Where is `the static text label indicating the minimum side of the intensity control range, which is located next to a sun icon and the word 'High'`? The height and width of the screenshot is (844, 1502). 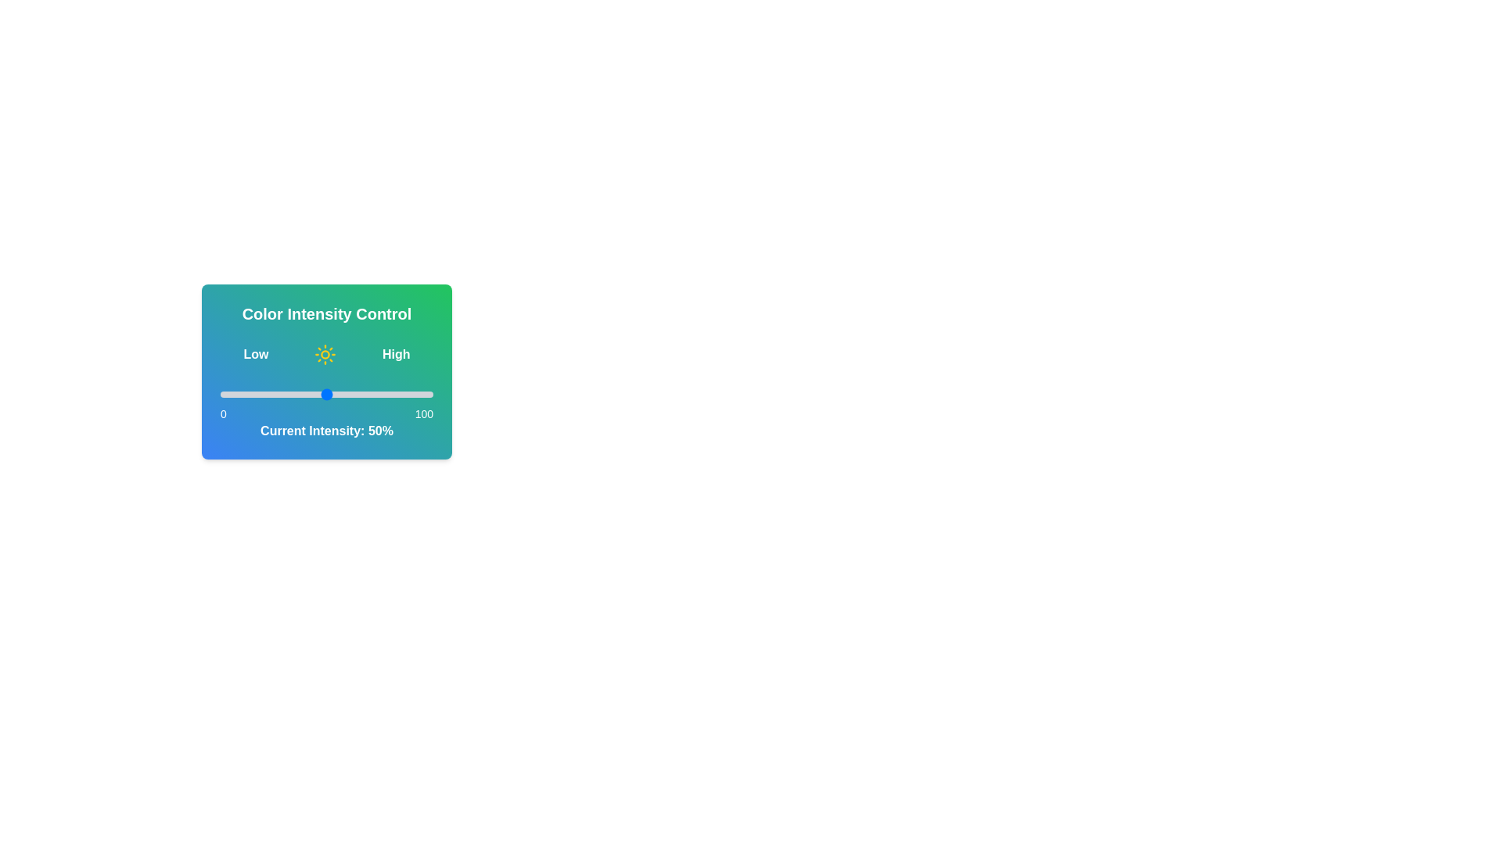 the static text label indicating the minimum side of the intensity control range, which is located next to a sun icon and the word 'High' is located at coordinates (256, 355).